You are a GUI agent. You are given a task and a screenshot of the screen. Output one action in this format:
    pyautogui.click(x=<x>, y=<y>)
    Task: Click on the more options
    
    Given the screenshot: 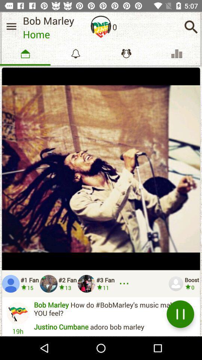 What is the action you would take?
    pyautogui.click(x=125, y=283)
    